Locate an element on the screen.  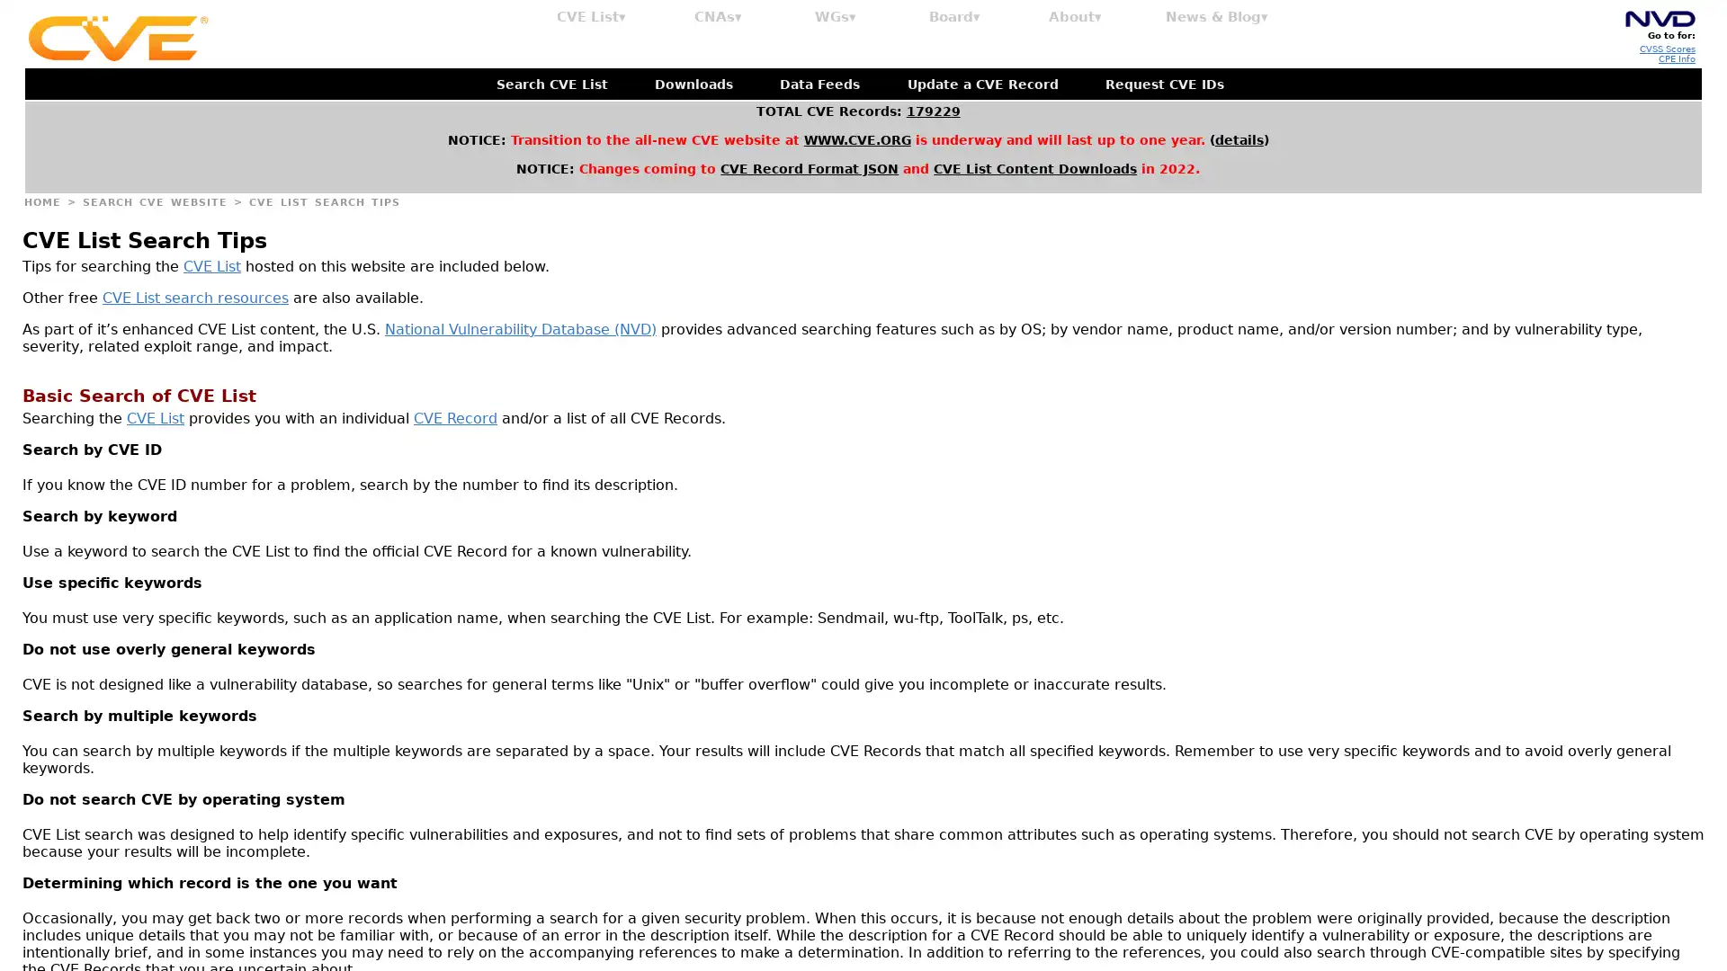
CNAs is located at coordinates (717, 17).